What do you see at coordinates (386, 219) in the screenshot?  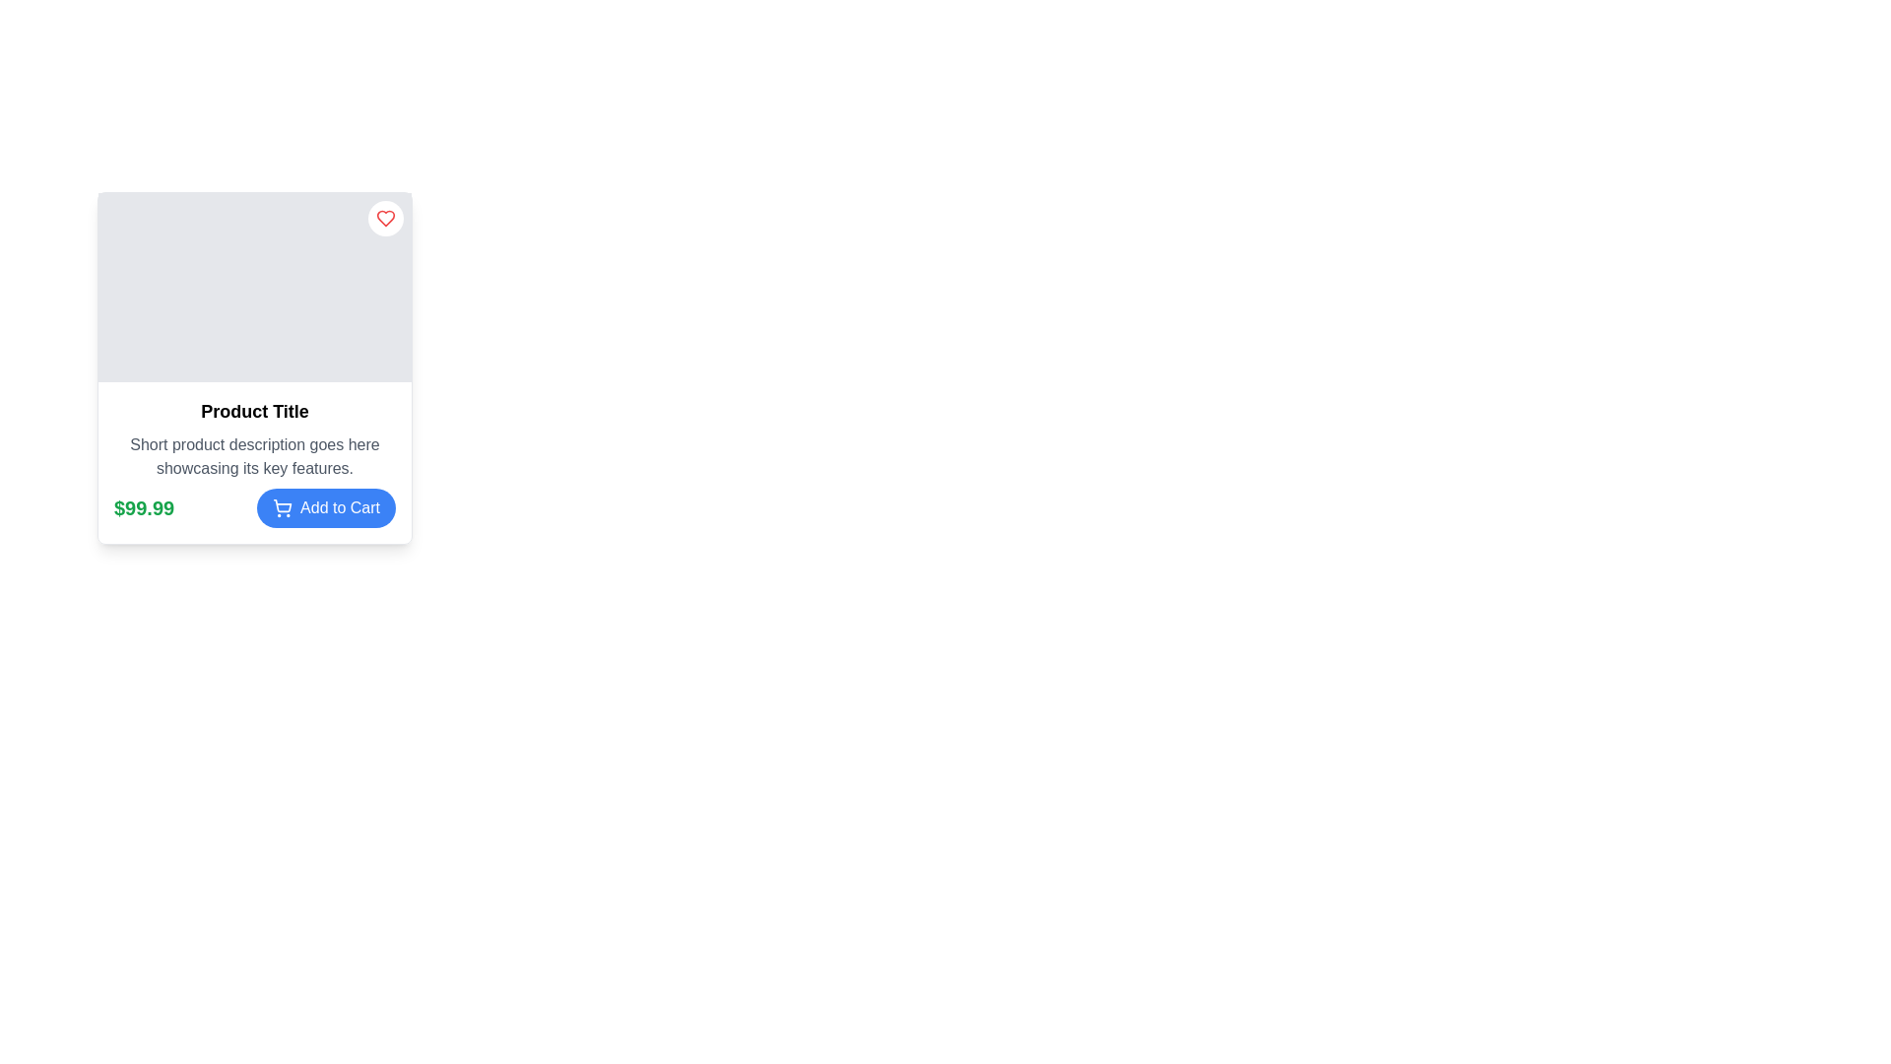 I see `the favorite icon button located in the top-right corner of the product card` at bounding box center [386, 219].